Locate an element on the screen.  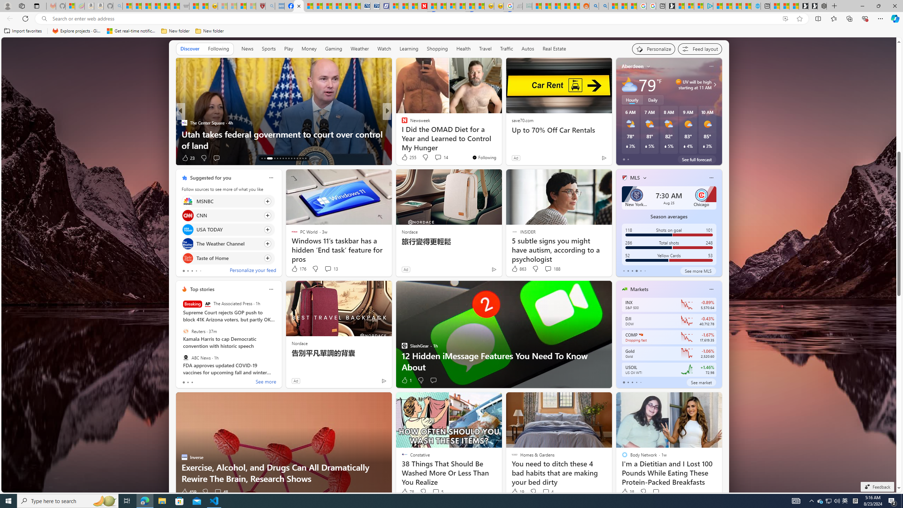
'New folder' is located at coordinates (209, 31).